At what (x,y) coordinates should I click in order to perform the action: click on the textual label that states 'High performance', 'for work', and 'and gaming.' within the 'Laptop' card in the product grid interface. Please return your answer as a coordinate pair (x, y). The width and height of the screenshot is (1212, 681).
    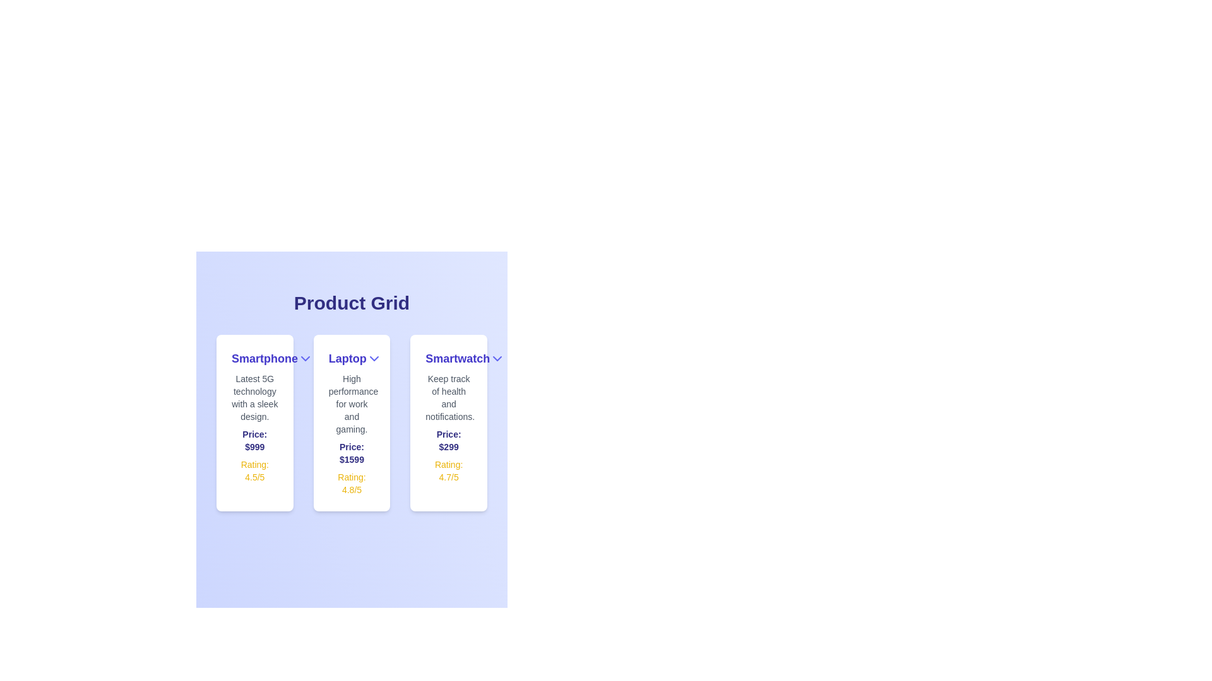
    Looking at the image, I should click on (352, 404).